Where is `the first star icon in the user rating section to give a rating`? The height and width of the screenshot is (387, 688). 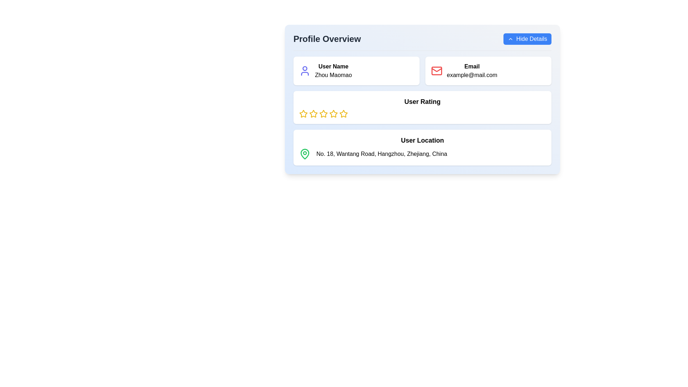
the first star icon in the user rating section to give a rating is located at coordinates (313, 113).